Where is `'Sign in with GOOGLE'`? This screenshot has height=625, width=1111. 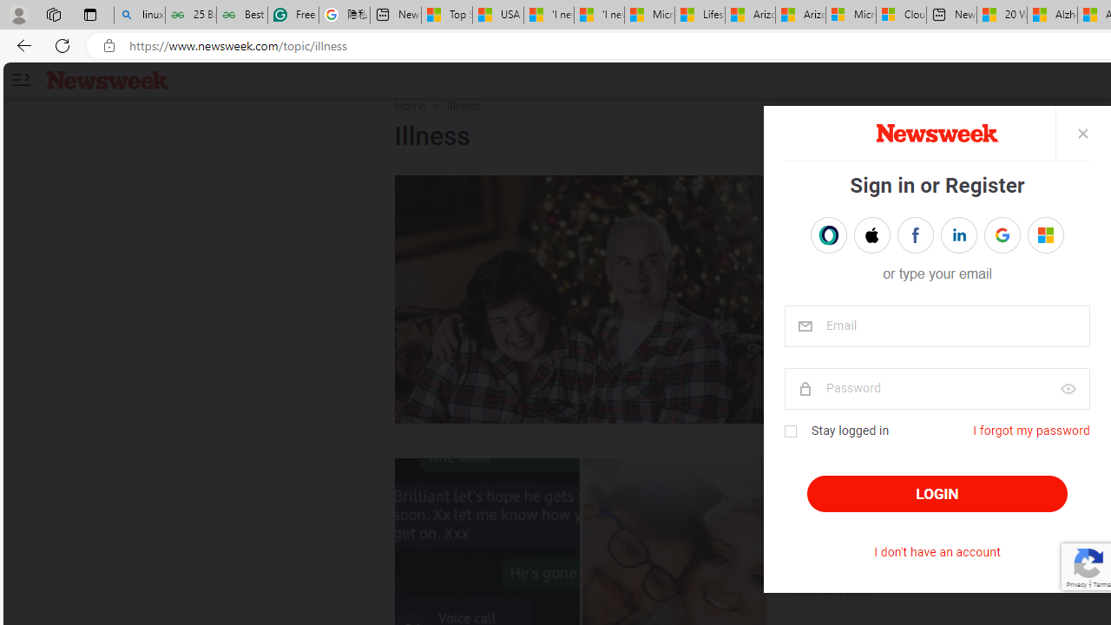
'Sign in with GOOGLE' is located at coordinates (1002, 235).